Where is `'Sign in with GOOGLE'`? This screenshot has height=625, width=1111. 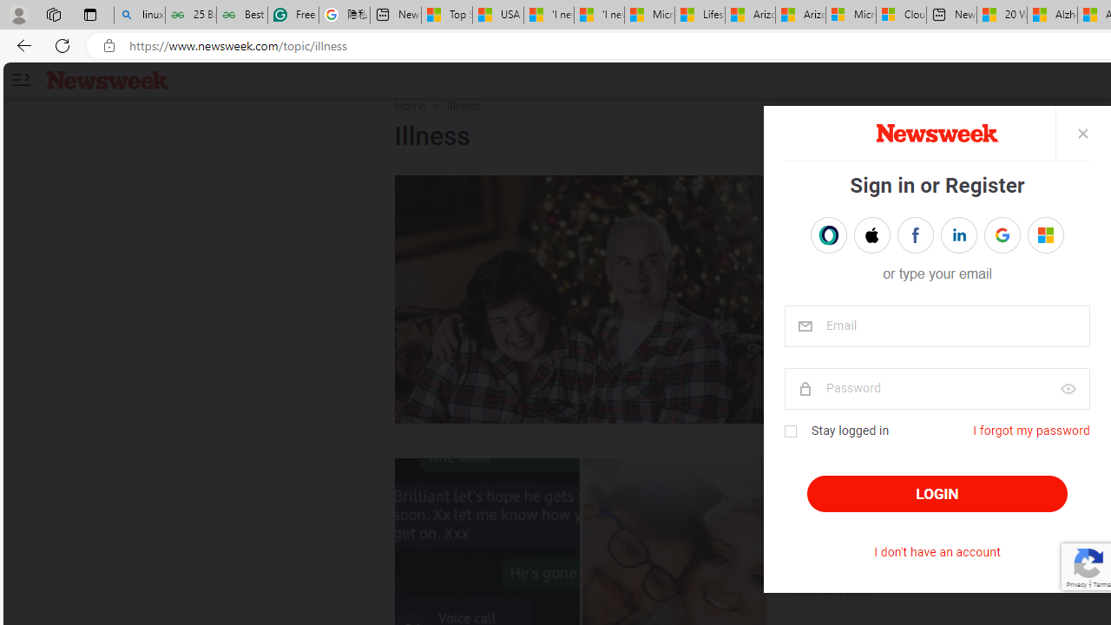
'Sign in with GOOGLE' is located at coordinates (1002, 235).